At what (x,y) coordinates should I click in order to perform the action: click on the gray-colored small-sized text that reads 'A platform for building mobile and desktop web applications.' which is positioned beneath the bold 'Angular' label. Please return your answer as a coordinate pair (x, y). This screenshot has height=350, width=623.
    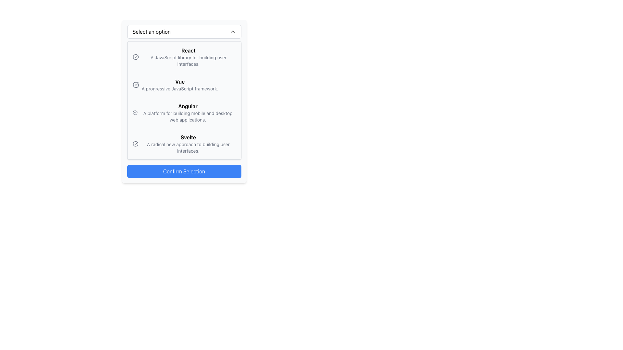
    Looking at the image, I should click on (188, 116).